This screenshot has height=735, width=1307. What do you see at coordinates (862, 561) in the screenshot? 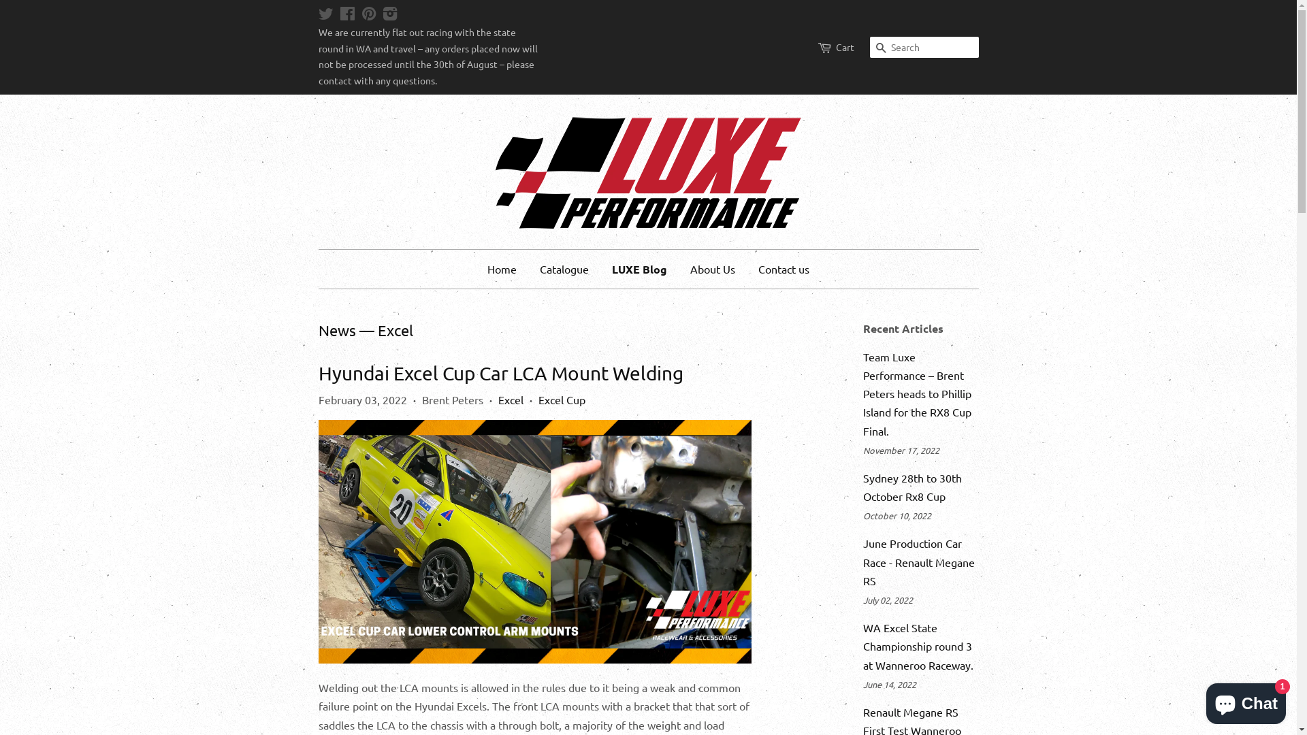
I see `'June Production Car Race - Renault Megane RS'` at bounding box center [862, 561].